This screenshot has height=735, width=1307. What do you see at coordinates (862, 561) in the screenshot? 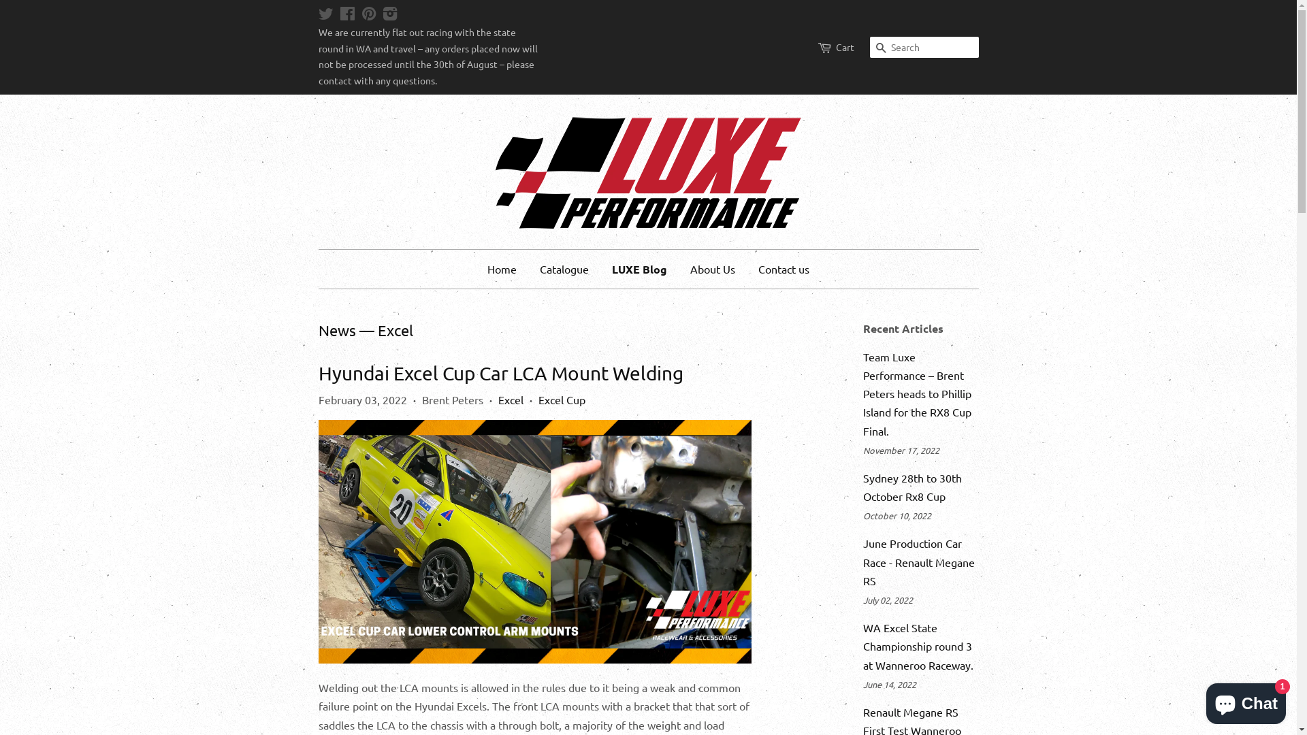
I see `'June Production Car Race - Renault Megane RS'` at bounding box center [862, 561].